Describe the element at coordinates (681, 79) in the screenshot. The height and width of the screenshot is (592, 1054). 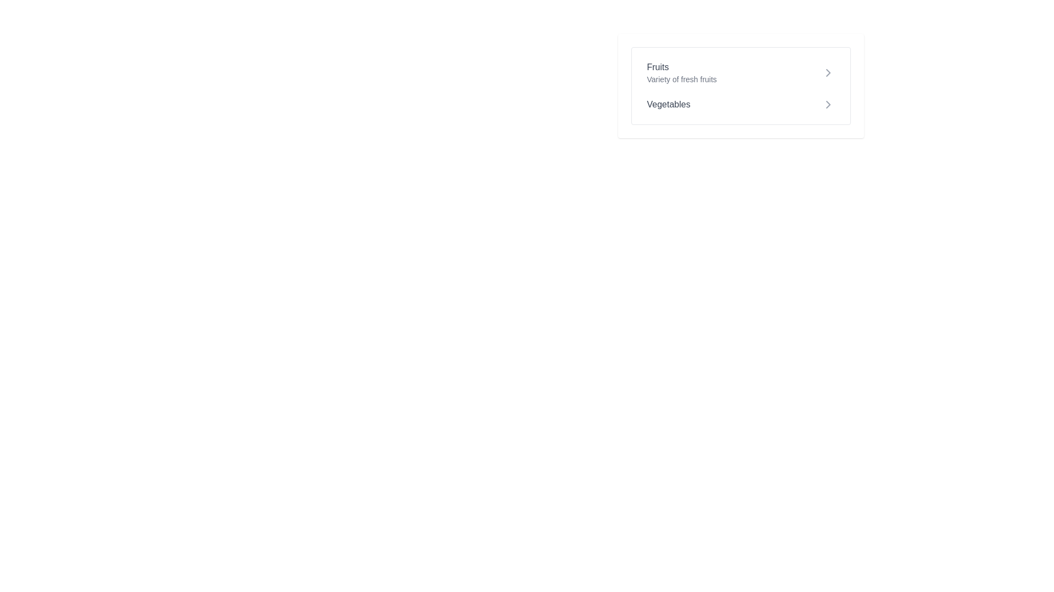
I see `static text label that displays 'Variety of fresh fruits', which is positioned directly below the larger text 'Fruits'` at that location.